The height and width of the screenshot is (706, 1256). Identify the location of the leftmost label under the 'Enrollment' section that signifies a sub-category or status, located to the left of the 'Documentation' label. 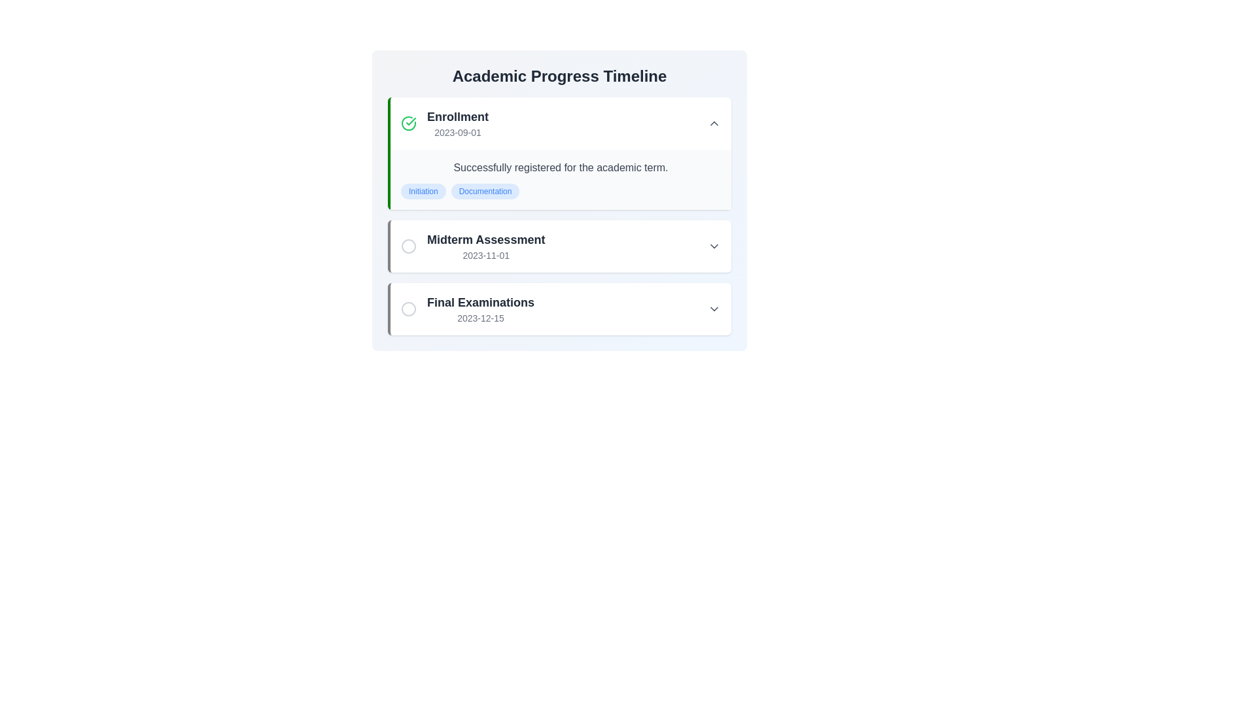
(423, 192).